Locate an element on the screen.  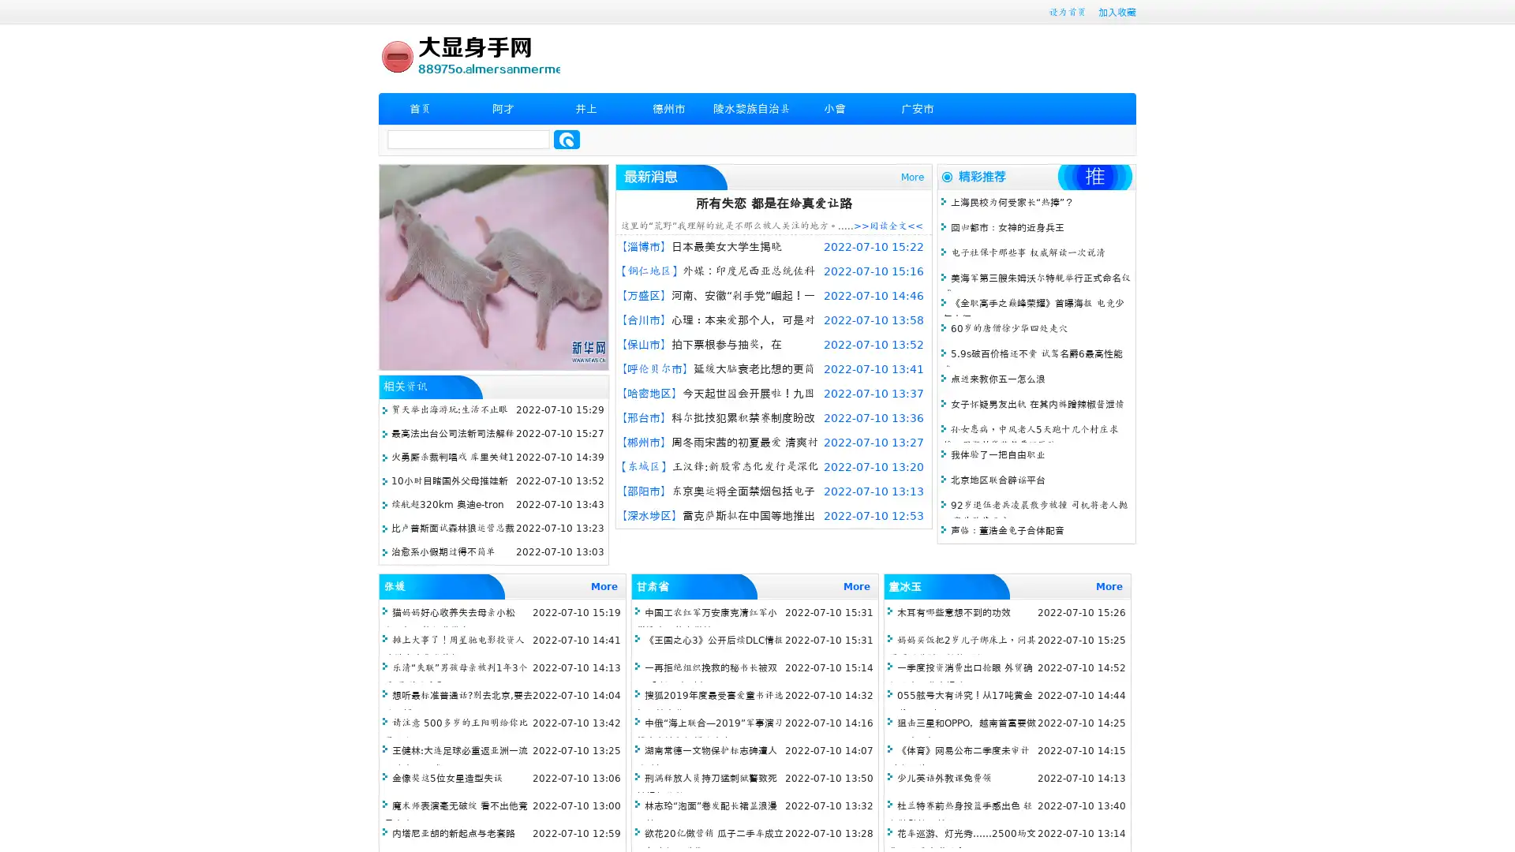
Search is located at coordinates (567, 139).